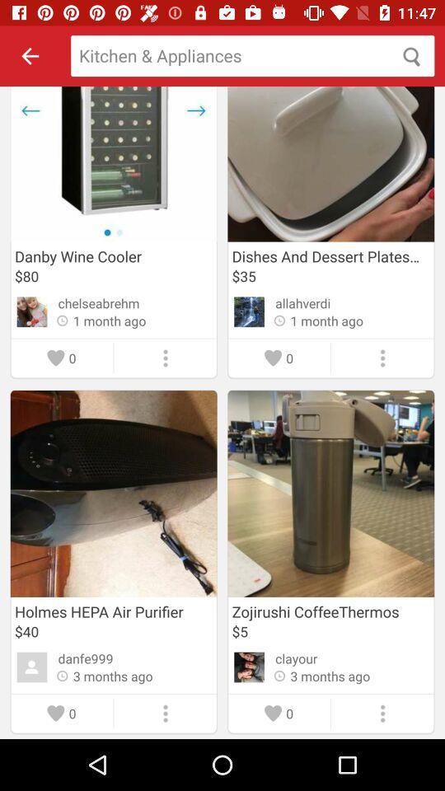  What do you see at coordinates (302, 302) in the screenshot?
I see `the icon above 1 month ago item` at bounding box center [302, 302].